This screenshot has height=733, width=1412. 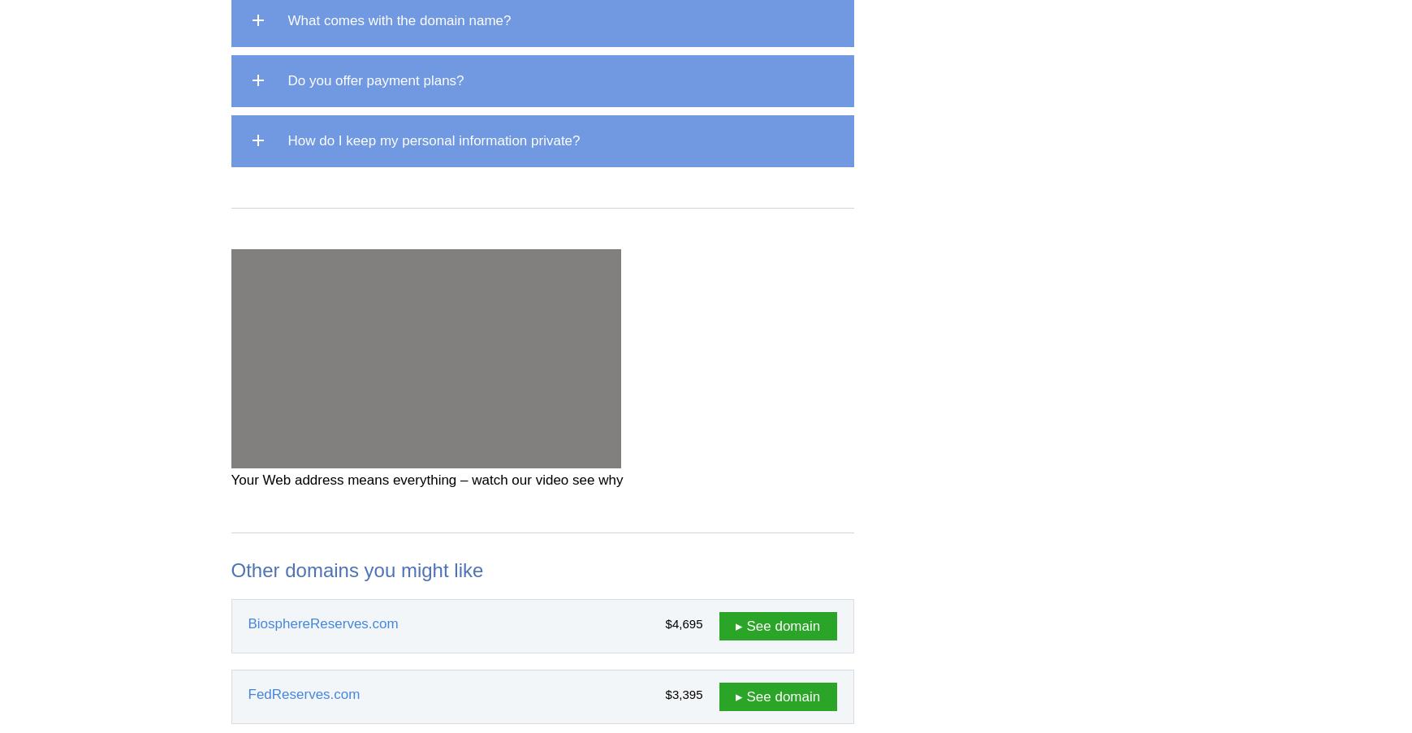 What do you see at coordinates (322, 623) in the screenshot?
I see `'BiosphereReserves.com'` at bounding box center [322, 623].